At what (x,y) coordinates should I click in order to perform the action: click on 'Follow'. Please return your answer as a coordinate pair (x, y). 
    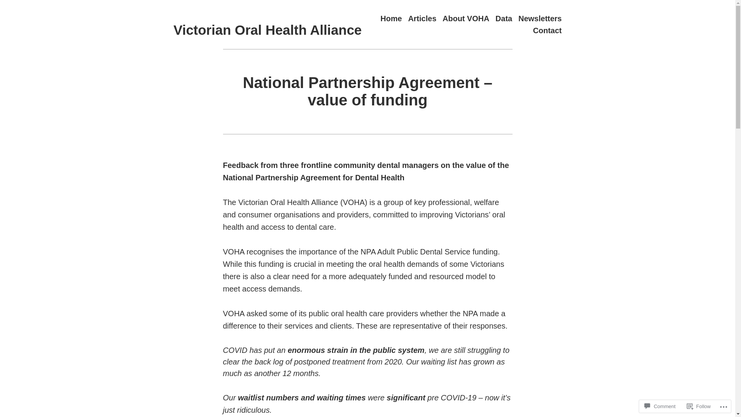
    Looking at the image, I should click on (699, 406).